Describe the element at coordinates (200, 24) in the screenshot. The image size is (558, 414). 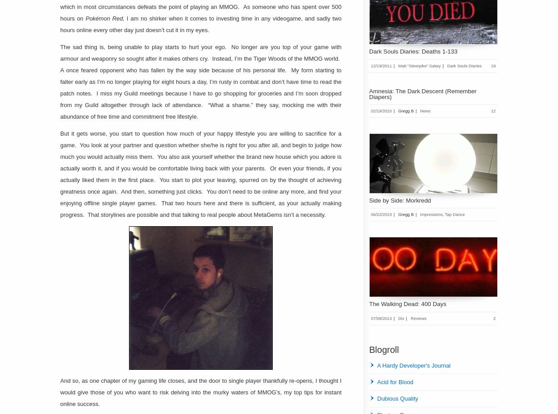
I see `'I am no shirker when it comes to investing time in any videogame, and sadly two hours online every other day just doesn’t cut it in my eyes.'` at that location.